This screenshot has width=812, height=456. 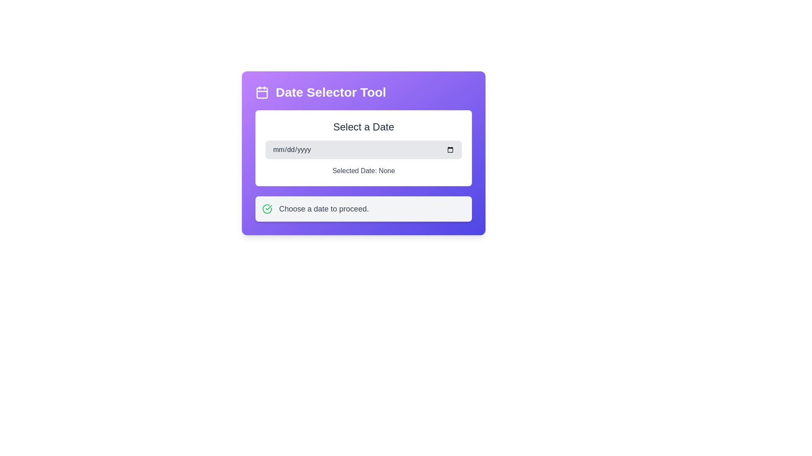 I want to click on the calendar icon styled with rounded corners, white strokes, and a transparent fill, located on the left side of the purple header of the 'Date Selector Tool', so click(x=261, y=92).